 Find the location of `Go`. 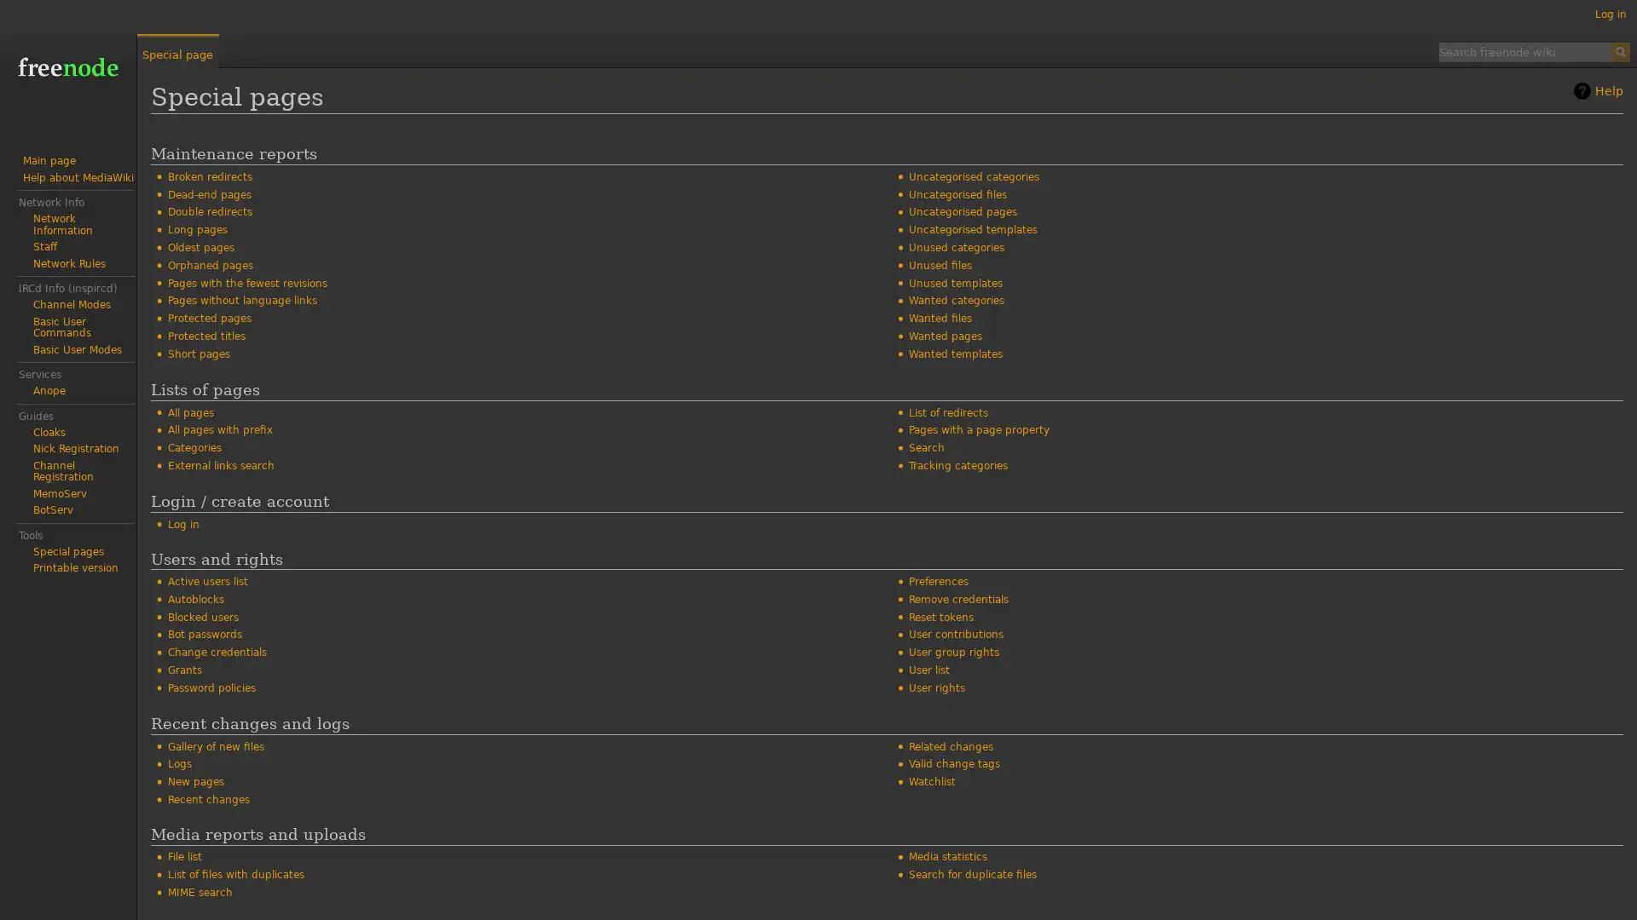

Go is located at coordinates (1619, 51).